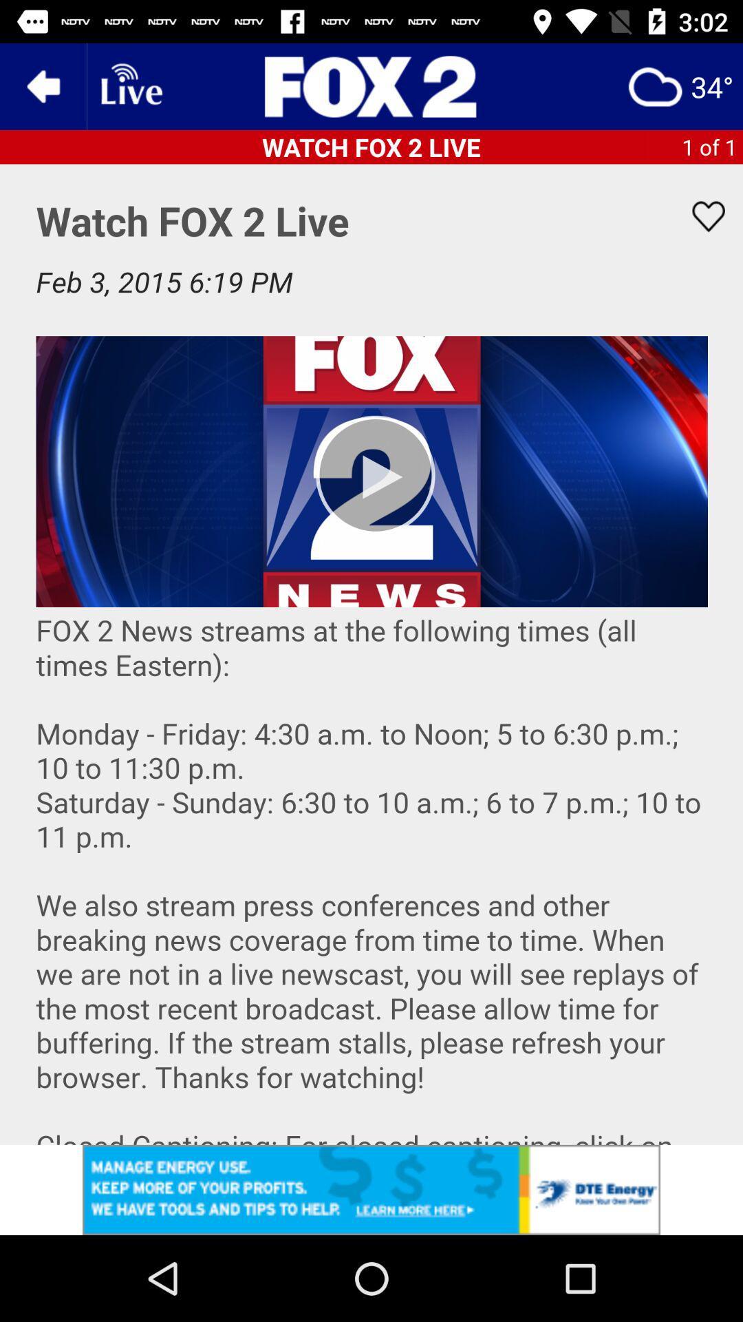 The width and height of the screenshot is (743, 1322). Describe the element at coordinates (42, 85) in the screenshot. I see `the arrow_backward icon` at that location.